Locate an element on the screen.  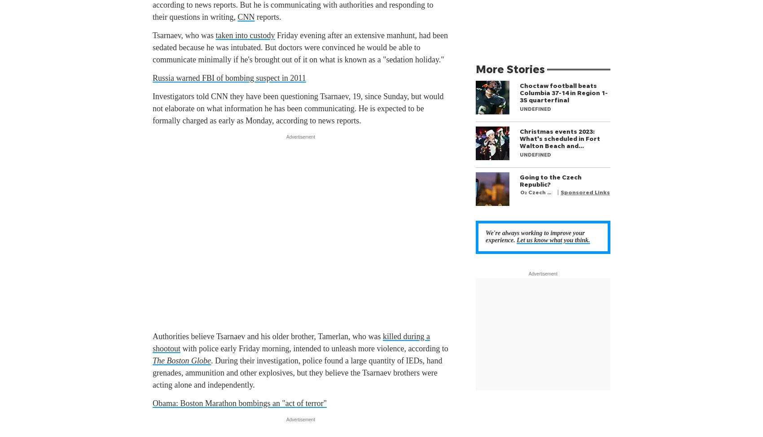
'CNN' is located at coordinates (246, 17).